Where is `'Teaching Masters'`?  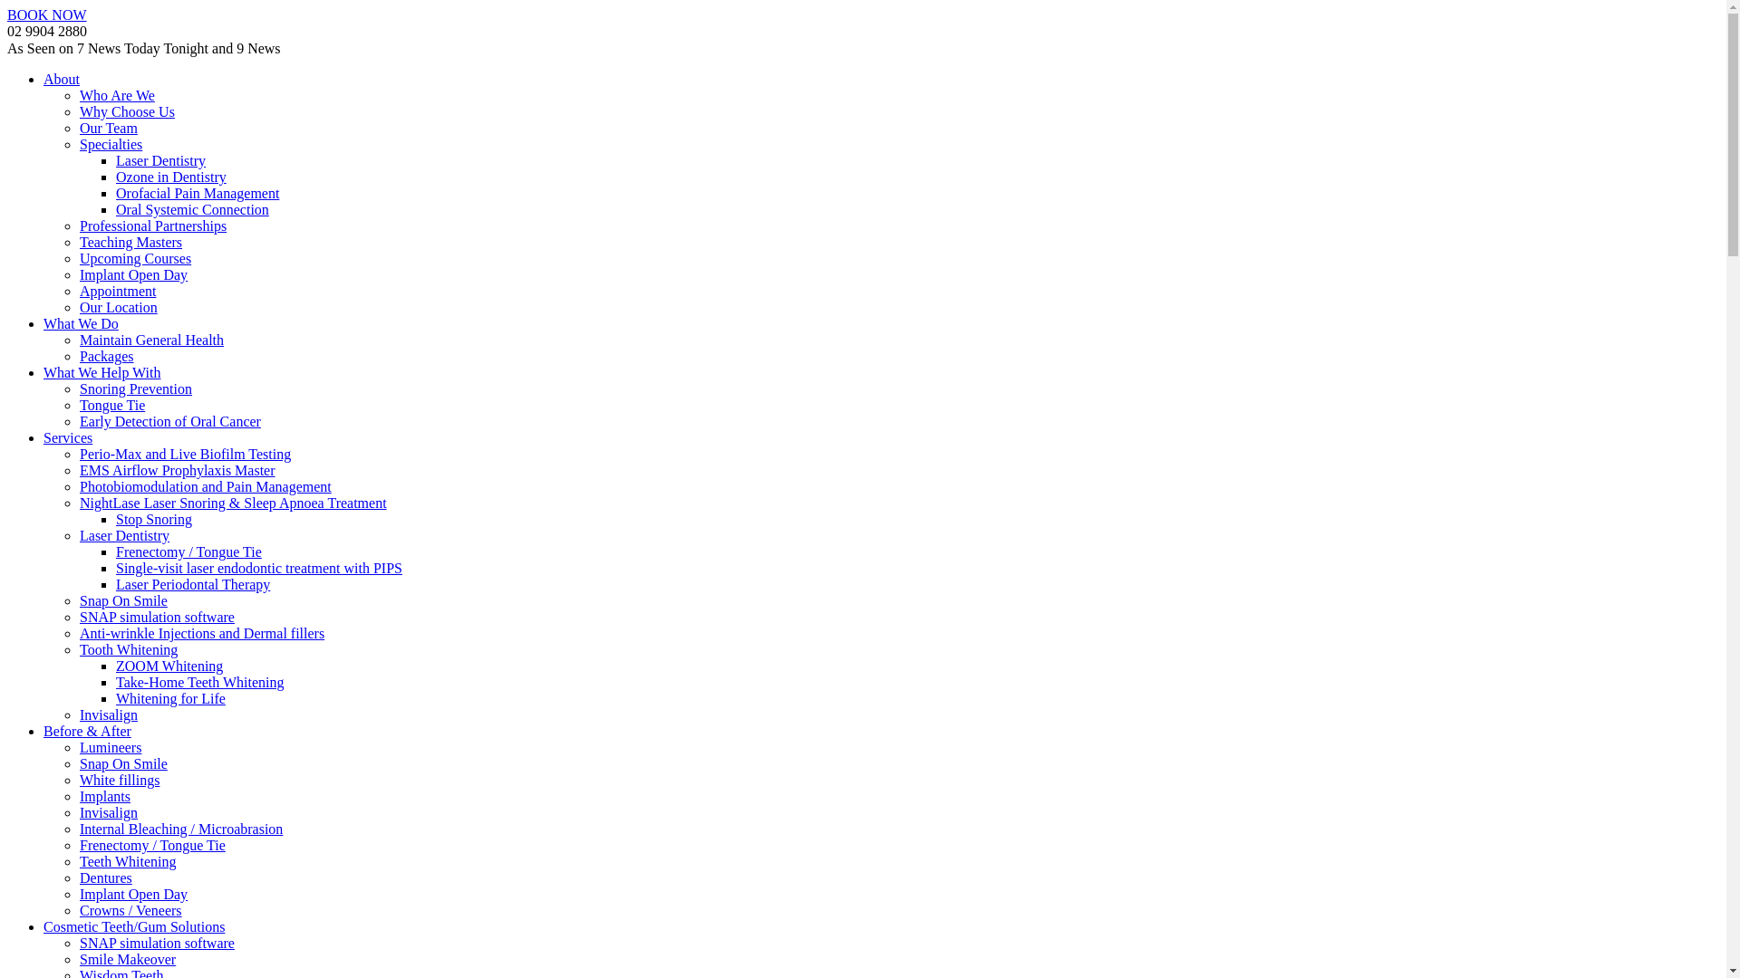 'Teaching Masters' is located at coordinates (130, 241).